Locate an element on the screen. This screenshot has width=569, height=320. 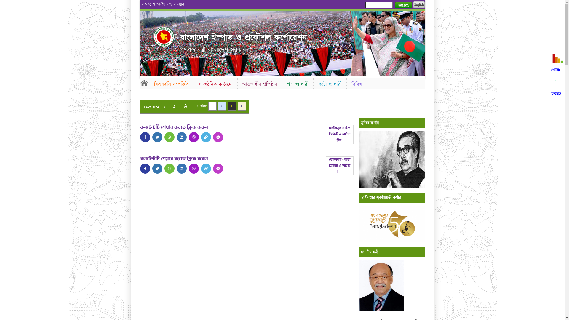
'English' is located at coordinates (418, 4).